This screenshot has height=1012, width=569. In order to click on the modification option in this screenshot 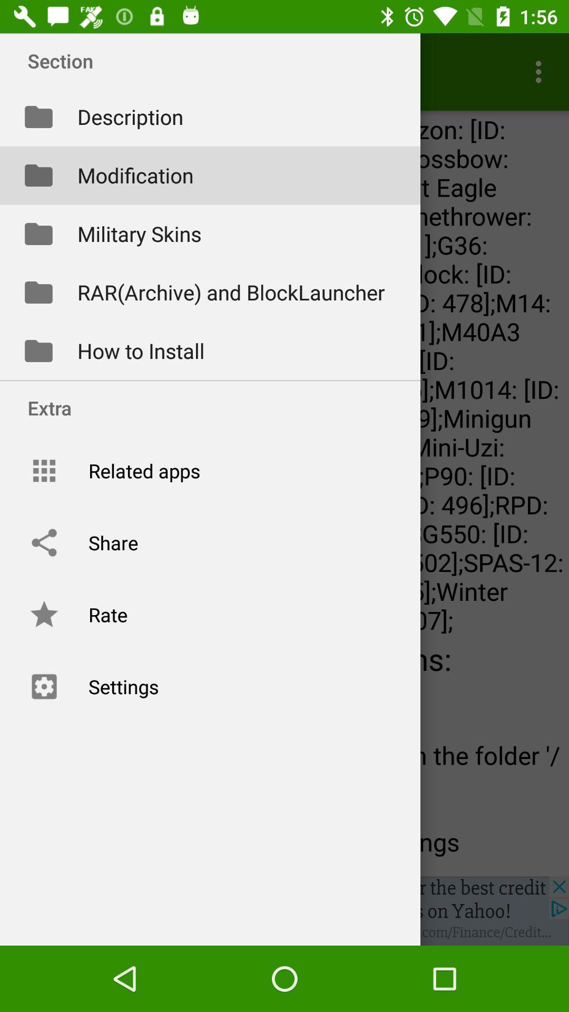, I will do `click(210, 176)`.